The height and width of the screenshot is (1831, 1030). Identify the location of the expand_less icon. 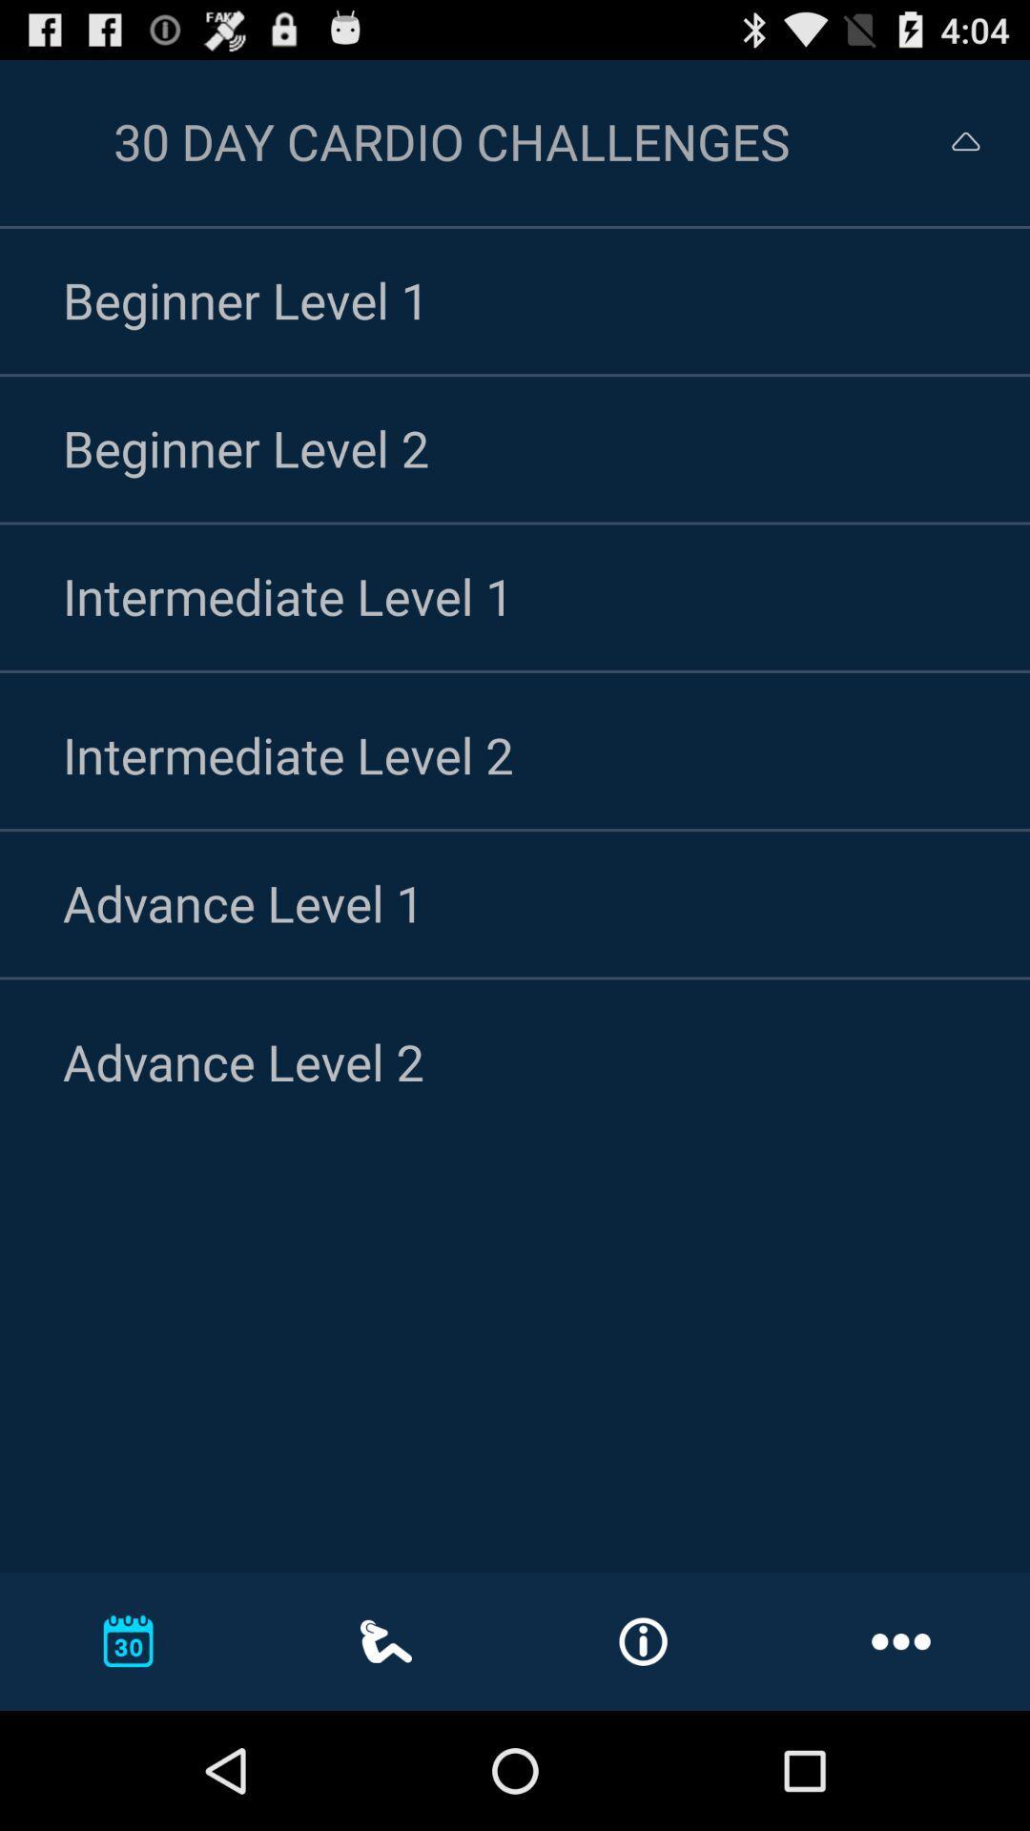
(948, 150).